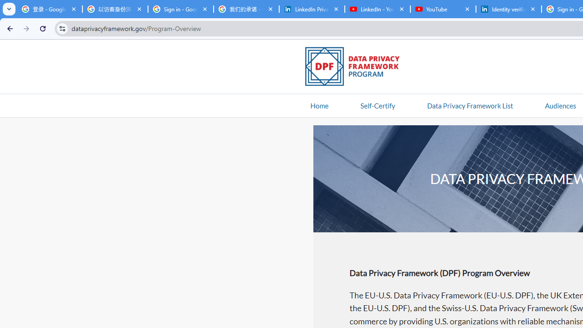 This screenshot has height=328, width=583. What do you see at coordinates (378, 105) in the screenshot?
I see `'Self-Certify'` at bounding box center [378, 105].